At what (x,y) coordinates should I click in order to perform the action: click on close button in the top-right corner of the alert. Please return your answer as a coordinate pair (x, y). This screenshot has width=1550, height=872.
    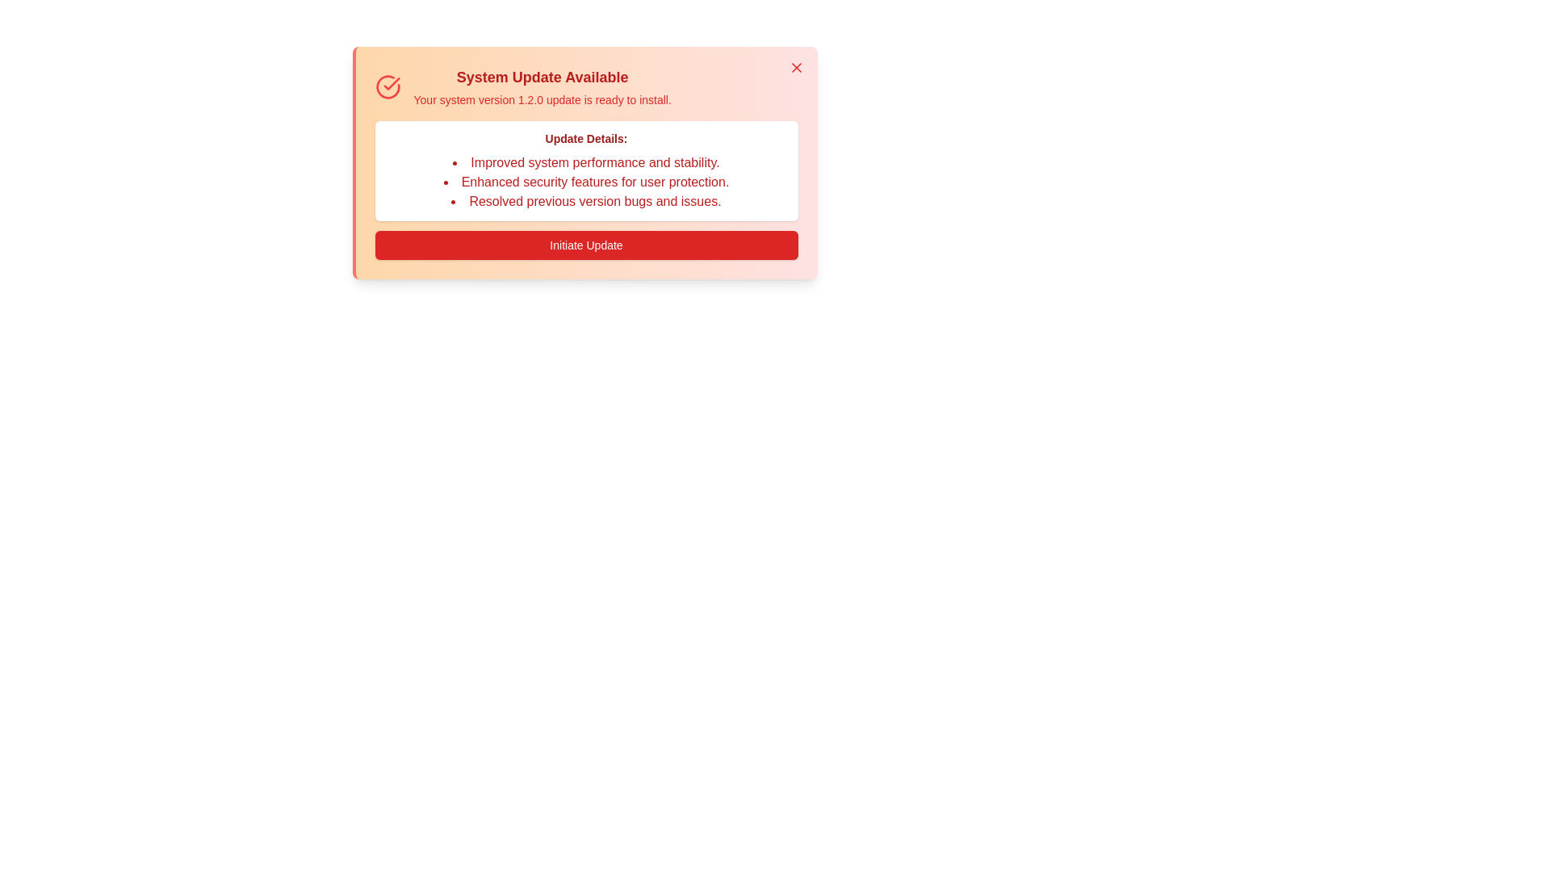
    Looking at the image, I should click on (796, 67).